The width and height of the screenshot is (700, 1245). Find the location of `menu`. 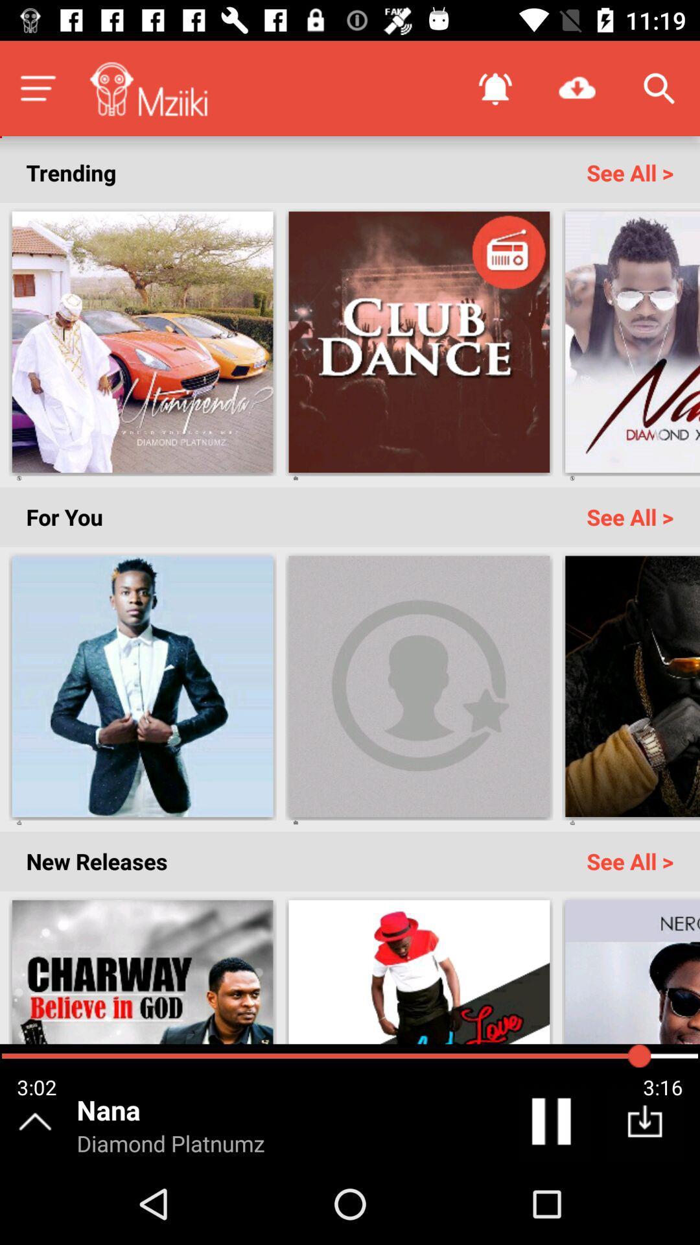

menu is located at coordinates (37, 88).